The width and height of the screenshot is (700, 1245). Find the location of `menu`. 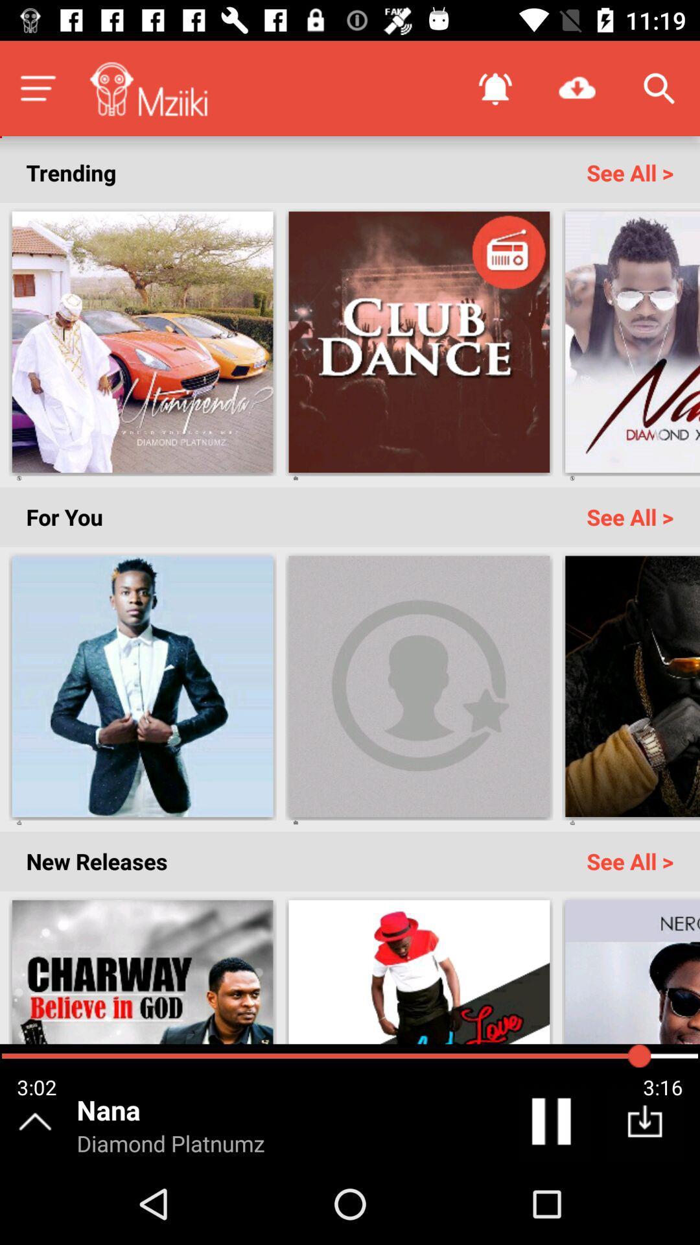

menu is located at coordinates (37, 88).